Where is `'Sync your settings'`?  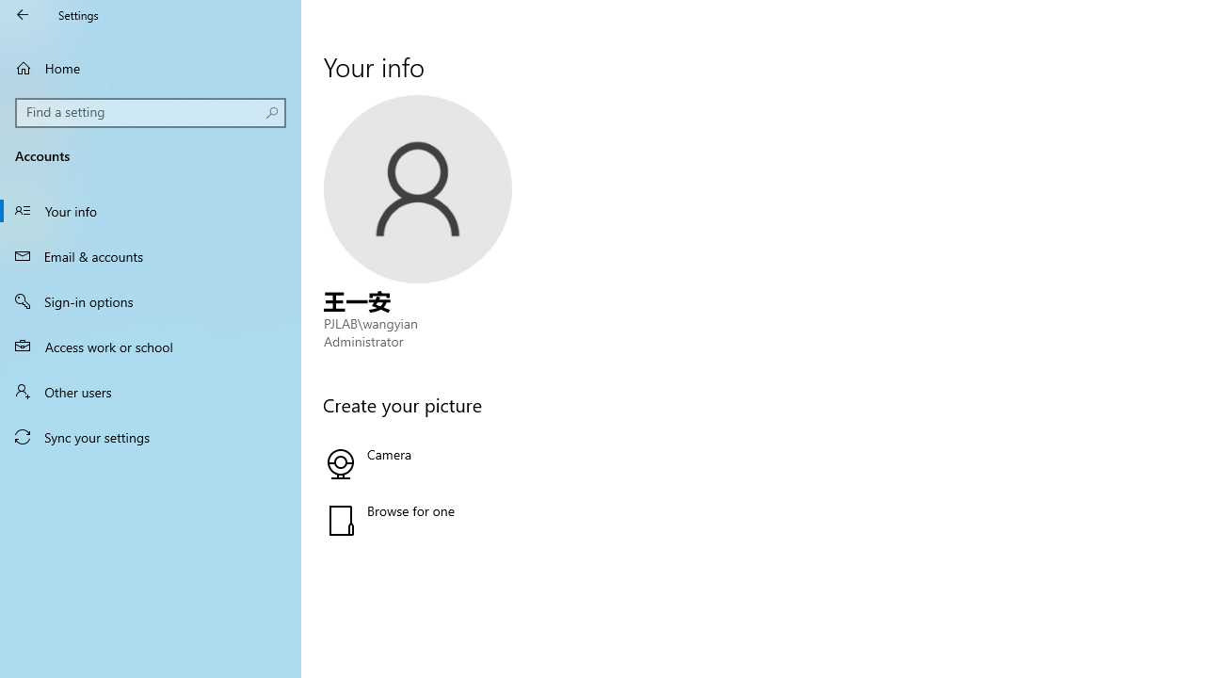
'Sync your settings' is located at coordinates (151, 437).